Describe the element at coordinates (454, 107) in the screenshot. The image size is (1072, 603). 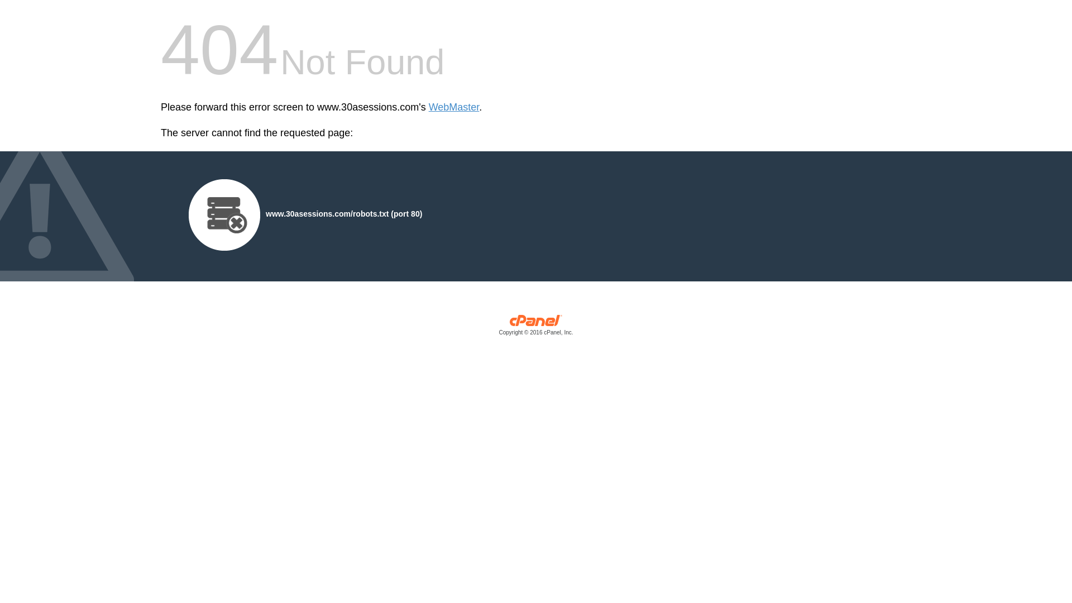
I see `'WebMaster'` at that location.